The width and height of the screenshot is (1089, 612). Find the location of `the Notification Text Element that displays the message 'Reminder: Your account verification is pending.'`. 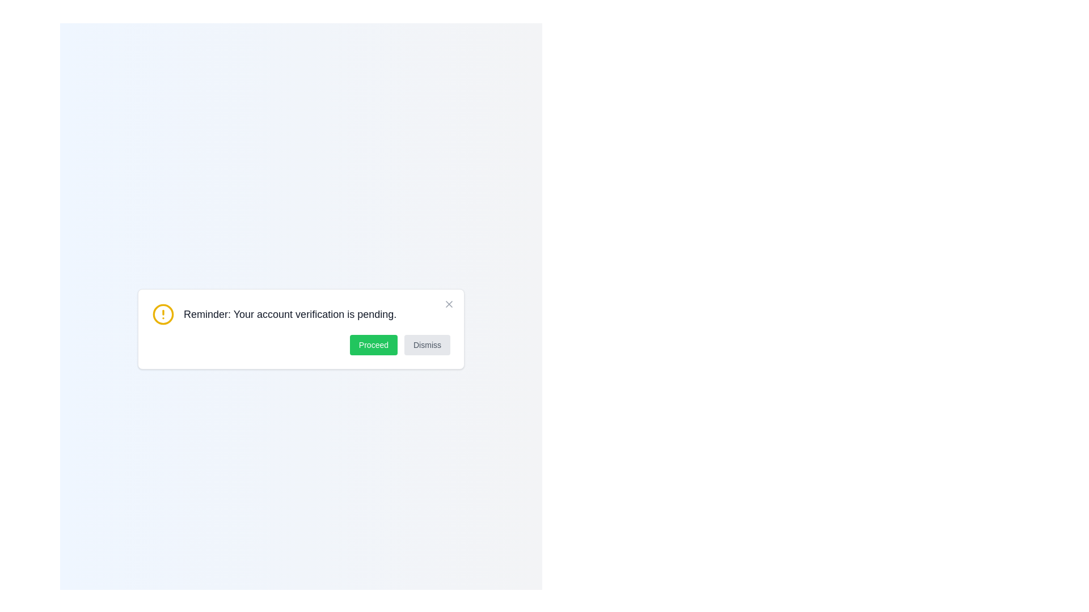

the Notification Text Element that displays the message 'Reminder: Your account verification is pending.' is located at coordinates (301, 314).